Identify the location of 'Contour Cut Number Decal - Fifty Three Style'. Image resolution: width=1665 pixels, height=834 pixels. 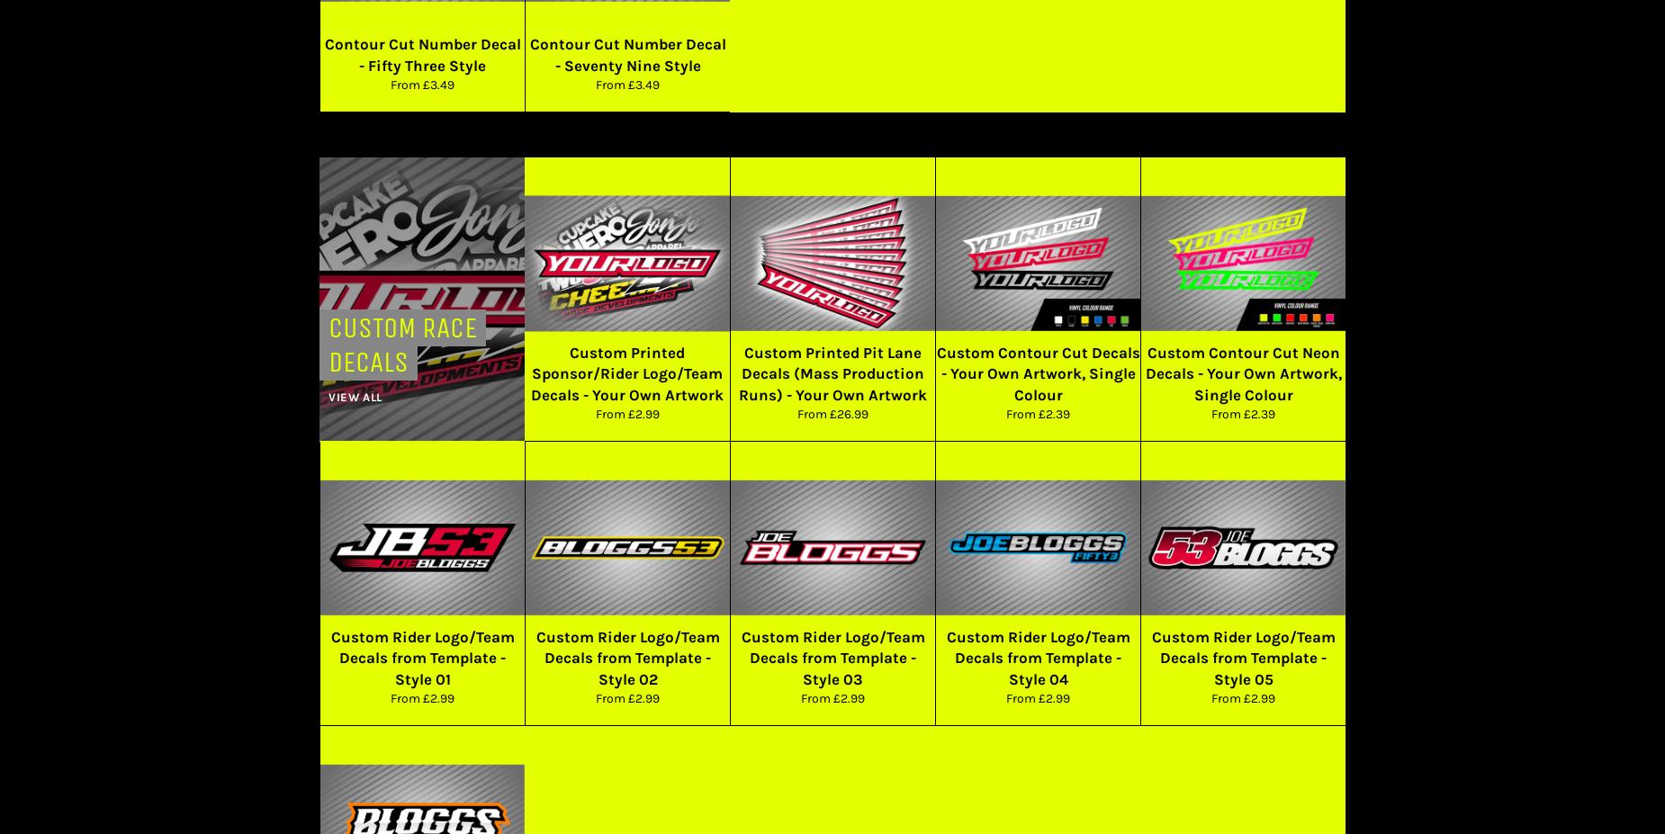
(421, 53).